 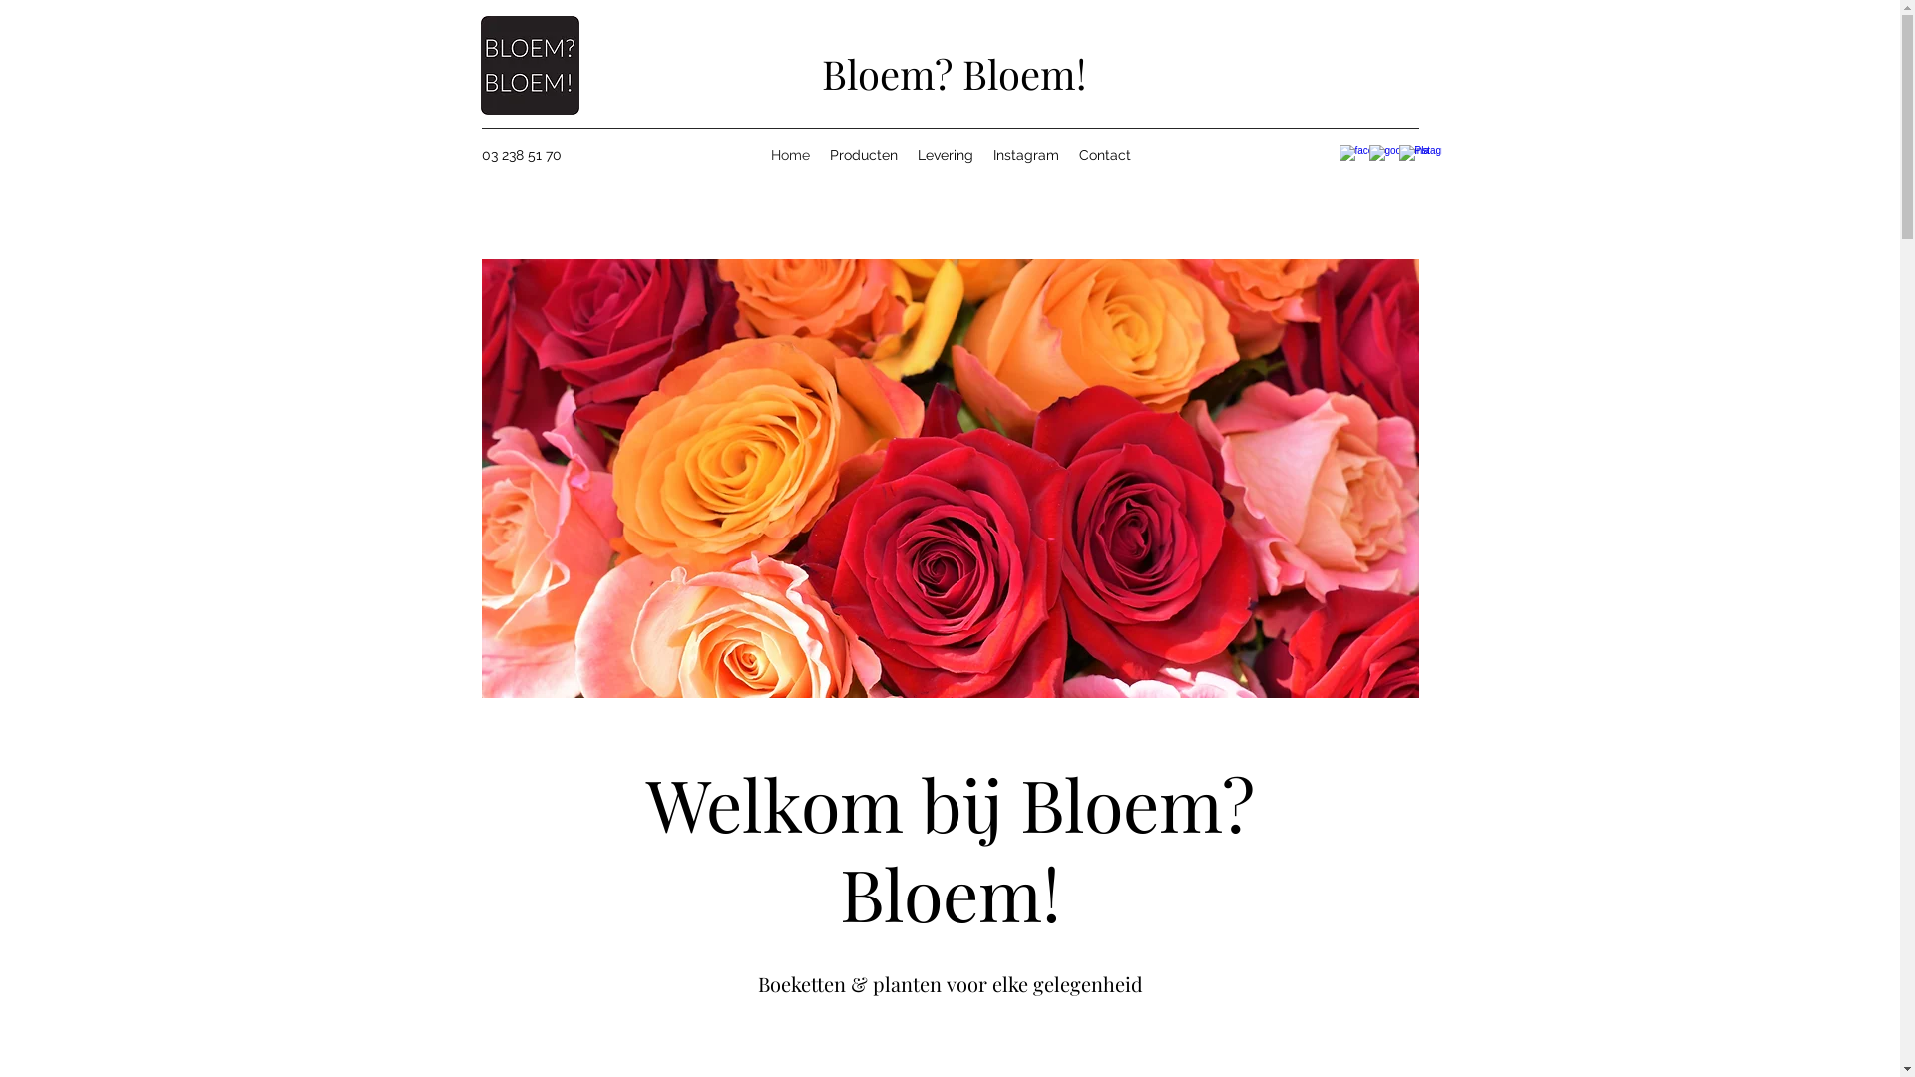 I want to click on 'Bloem? Bloem!', so click(x=953, y=72).